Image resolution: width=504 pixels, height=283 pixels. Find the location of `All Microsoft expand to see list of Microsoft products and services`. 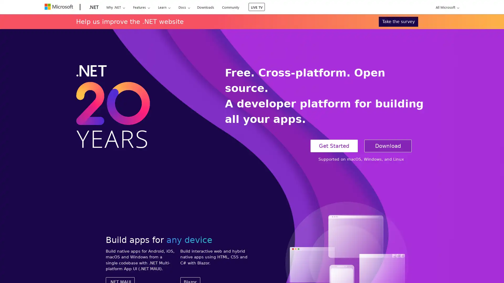

All Microsoft expand to see list of Microsoft products and services is located at coordinates (446, 7).